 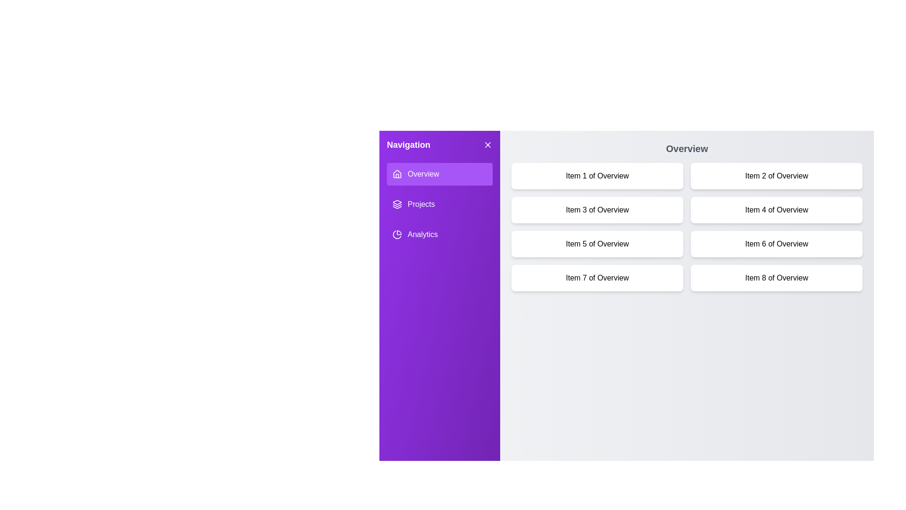 What do you see at coordinates (439, 174) in the screenshot?
I see `the navigation tab Overview` at bounding box center [439, 174].